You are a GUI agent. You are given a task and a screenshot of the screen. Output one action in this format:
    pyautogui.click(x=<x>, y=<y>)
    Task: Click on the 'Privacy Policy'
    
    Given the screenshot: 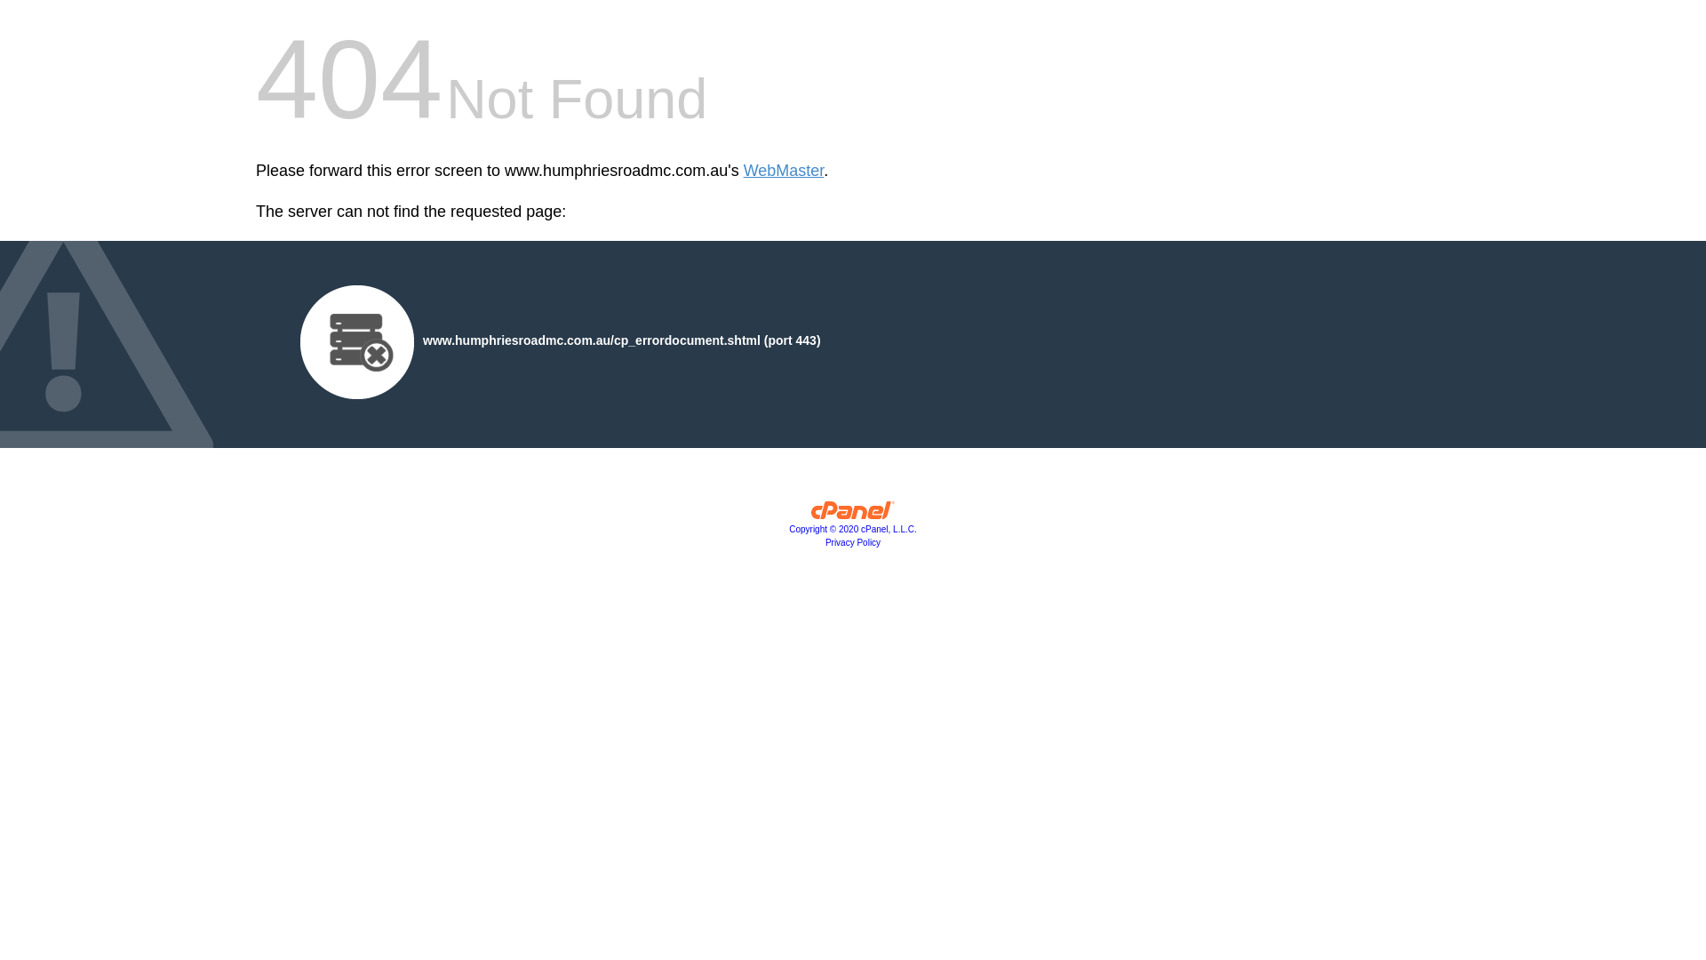 What is the action you would take?
    pyautogui.click(x=853, y=541)
    